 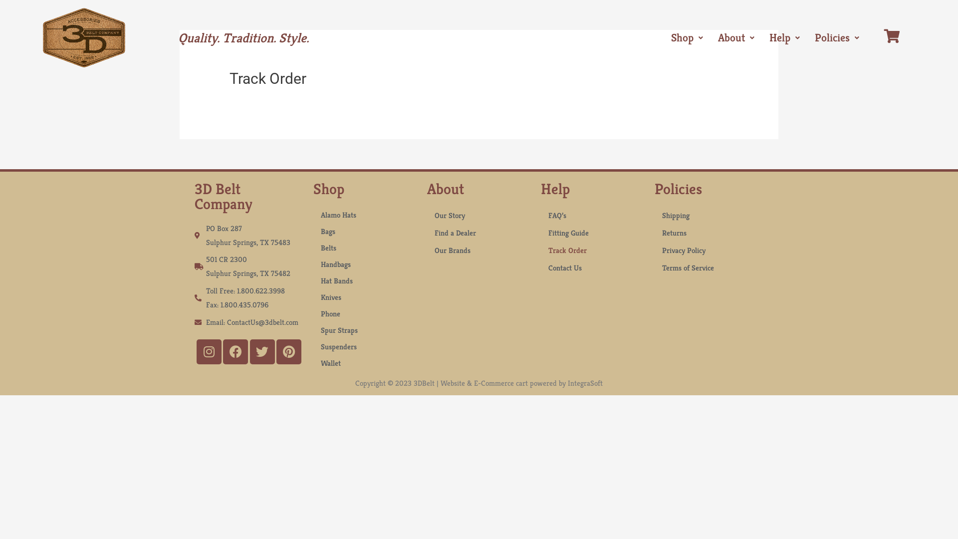 I want to click on 'Help', so click(x=784, y=37).